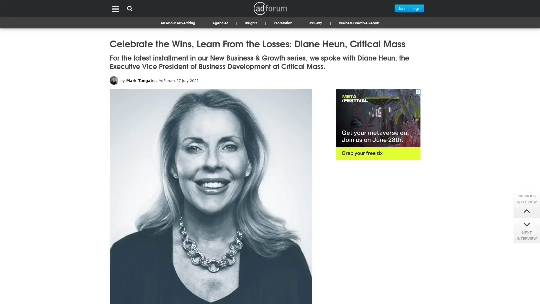 The width and height of the screenshot is (540, 304). I want to click on Login, so click(416, 8).